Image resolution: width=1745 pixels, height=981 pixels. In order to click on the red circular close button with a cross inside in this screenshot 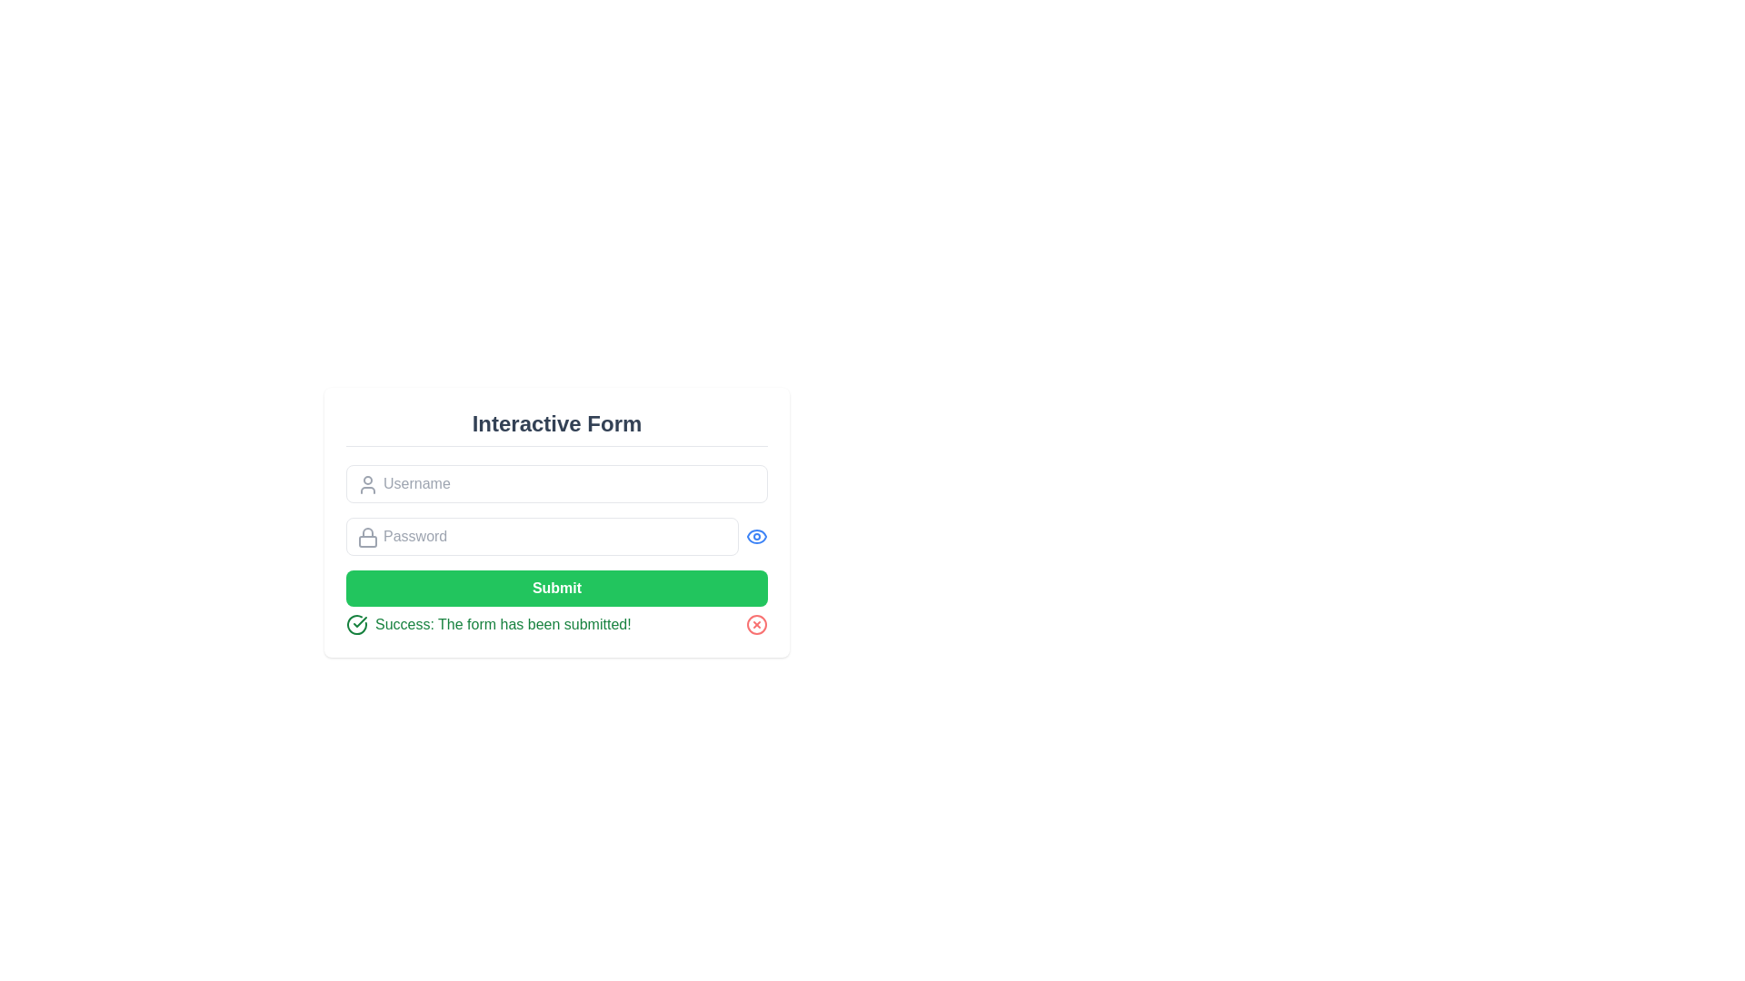, I will do `click(757, 623)`.